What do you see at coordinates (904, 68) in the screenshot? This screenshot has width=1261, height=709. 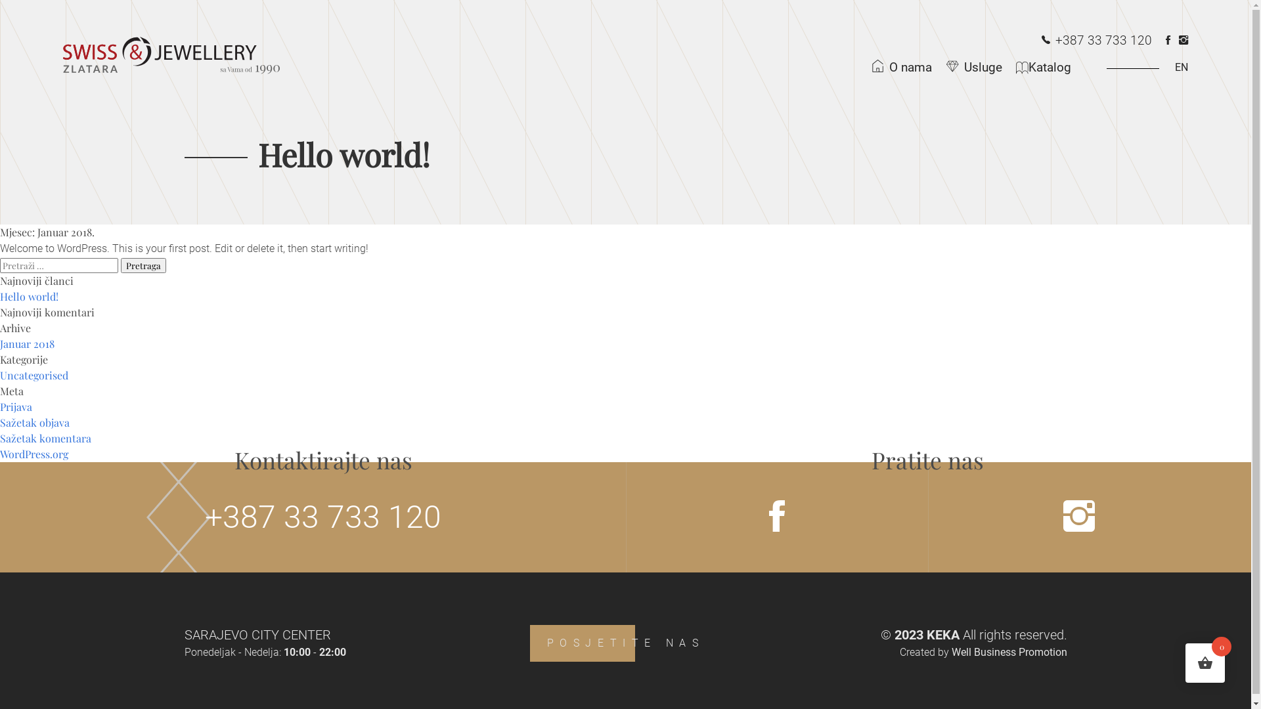 I see `'O nama'` at bounding box center [904, 68].